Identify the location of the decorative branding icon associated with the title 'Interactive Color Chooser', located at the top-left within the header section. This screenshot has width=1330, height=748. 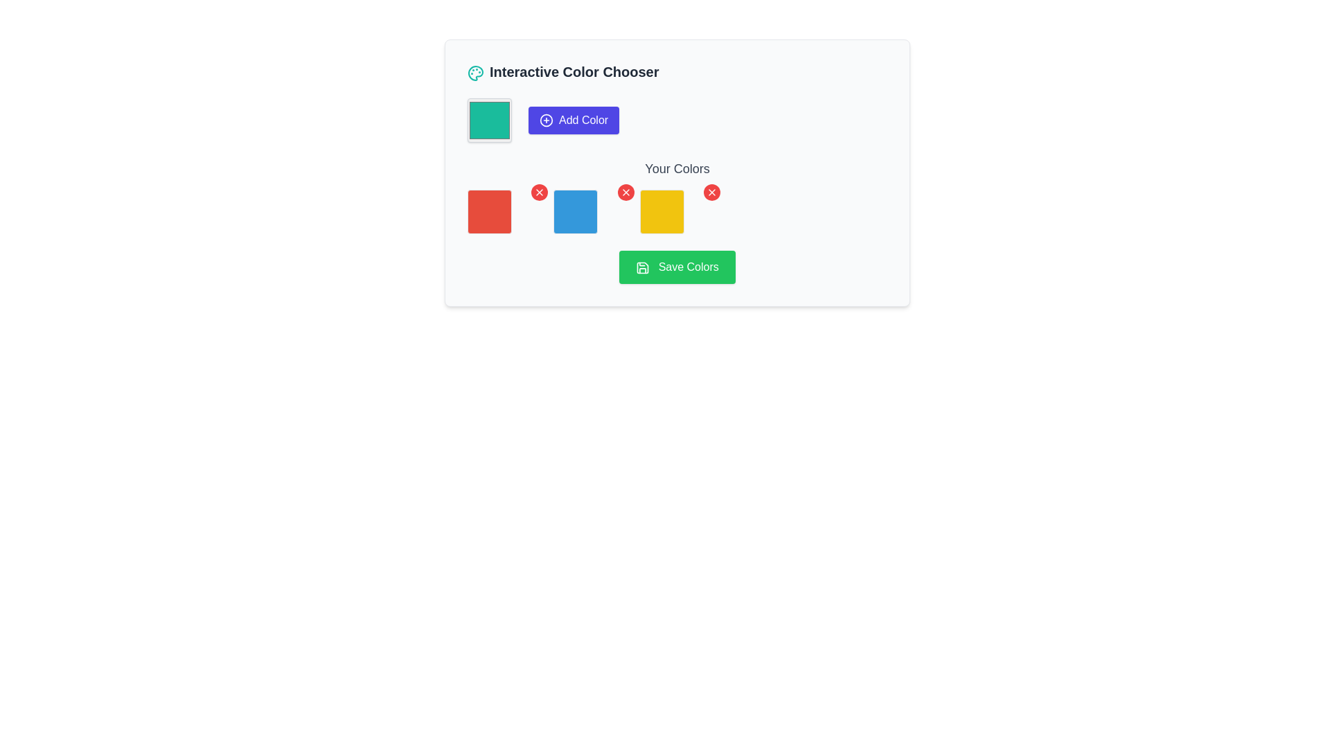
(475, 72).